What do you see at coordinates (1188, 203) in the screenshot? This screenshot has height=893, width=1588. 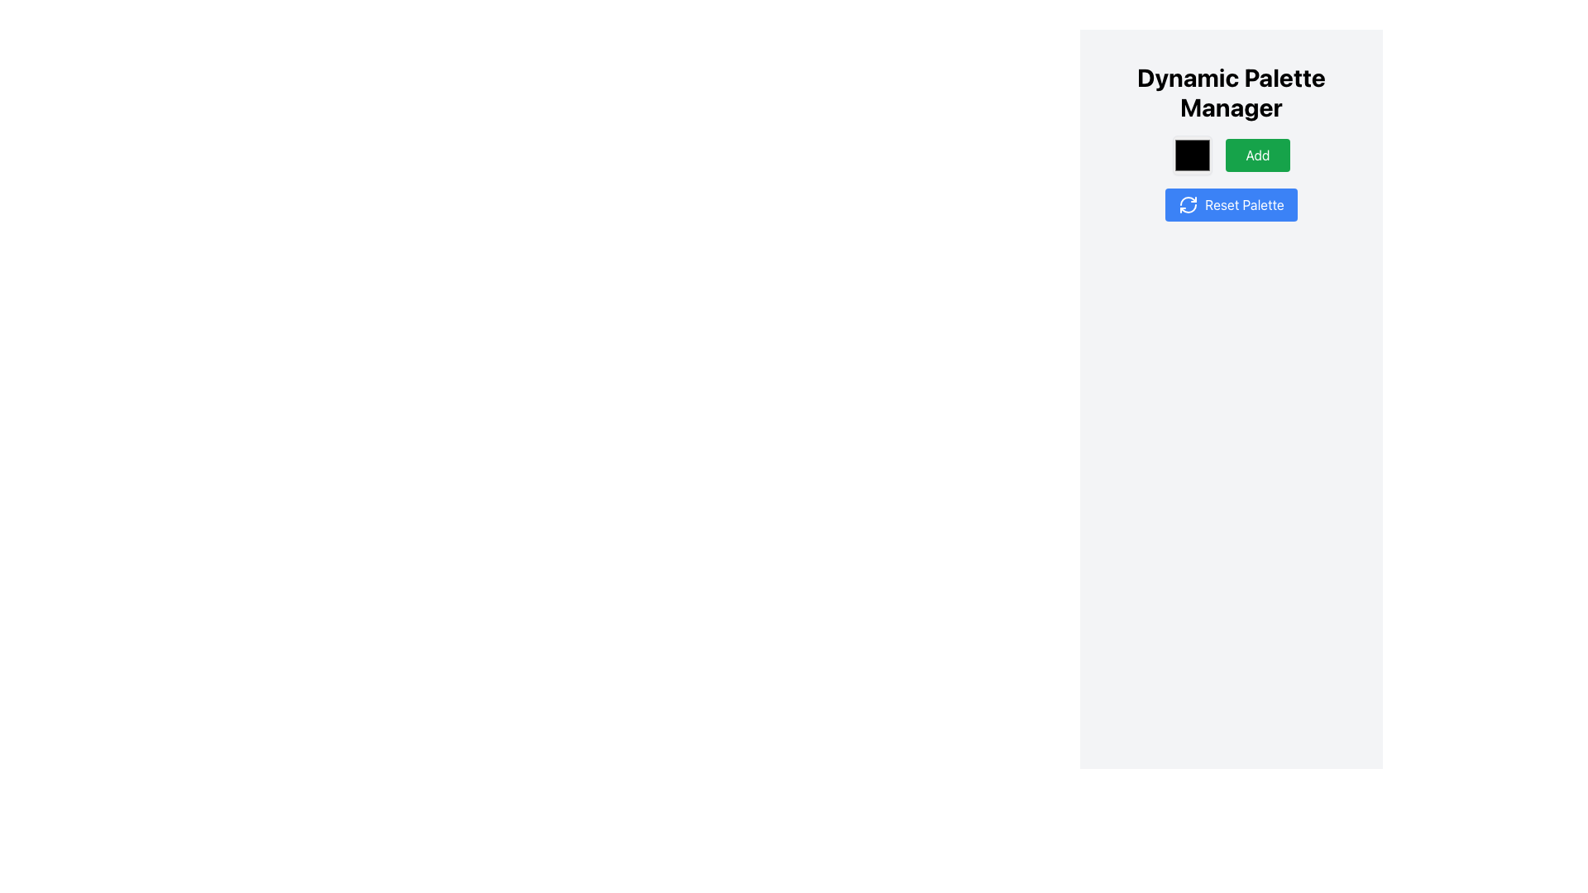 I see `the circular arrow icon representing the refresh action, located on the left side of the blue 'Reset Palette' button` at bounding box center [1188, 203].